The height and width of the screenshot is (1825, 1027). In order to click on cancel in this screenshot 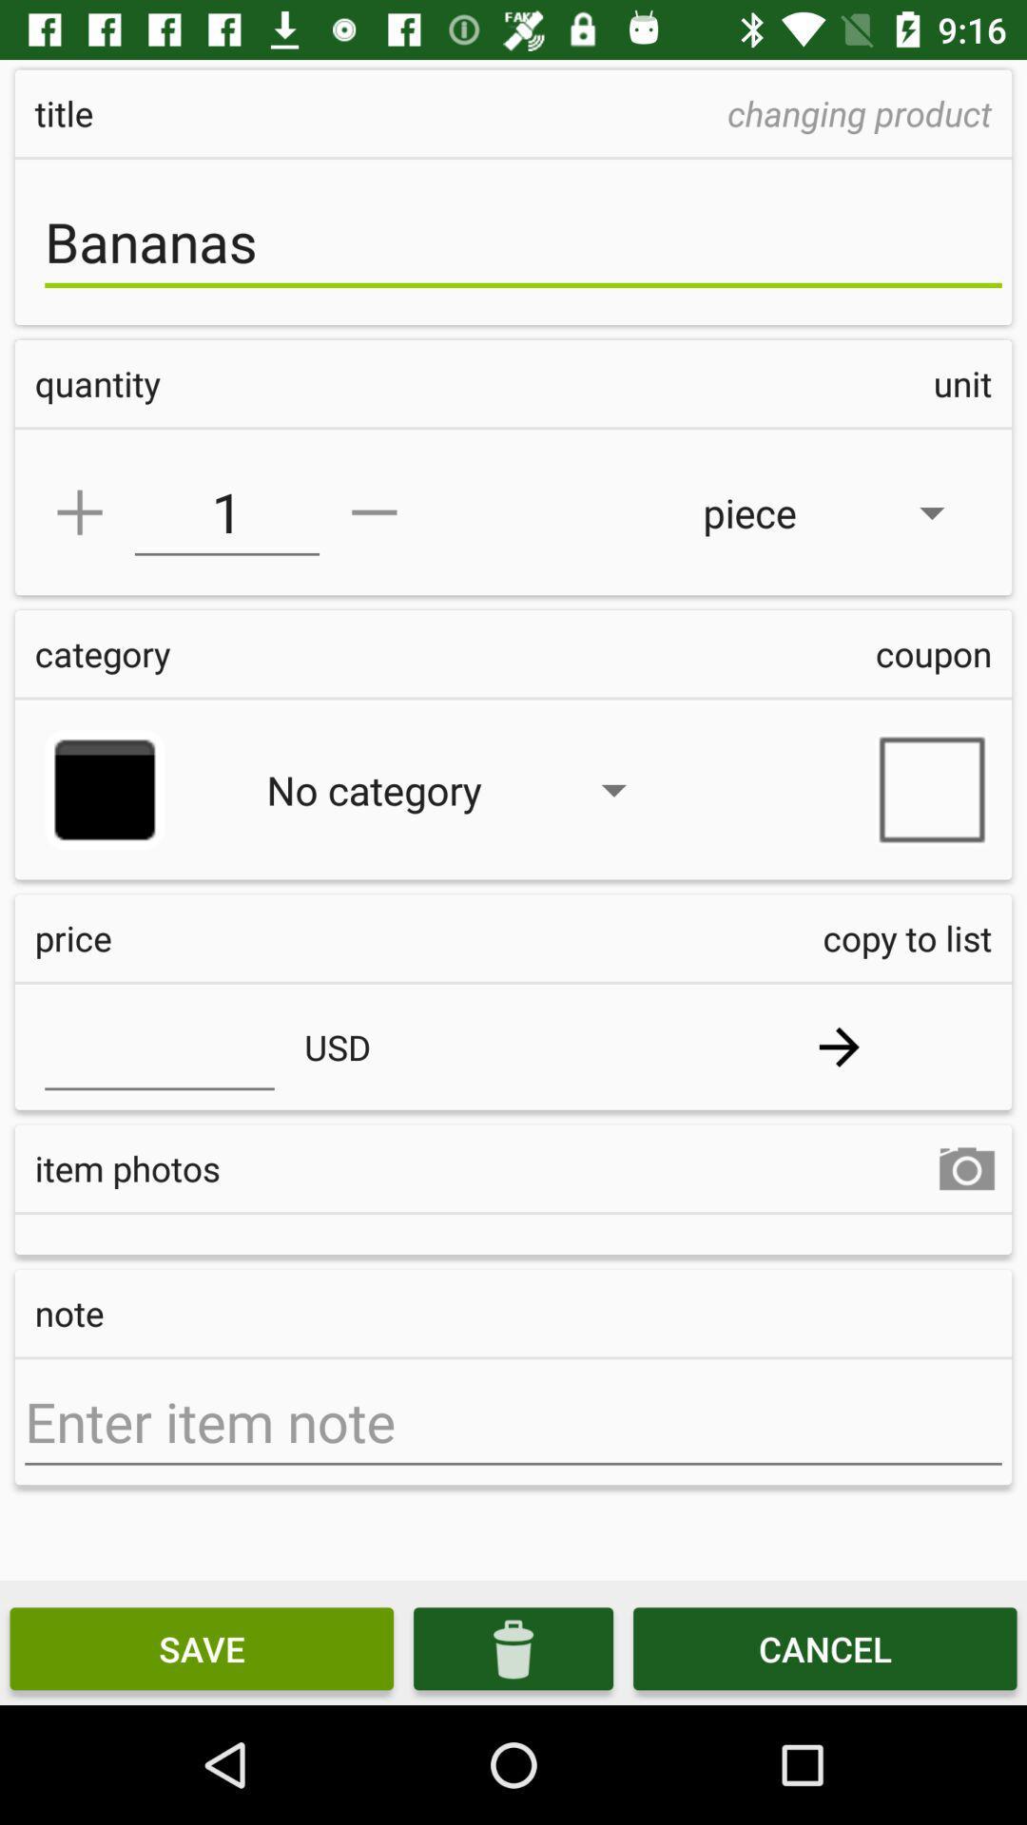, I will do `click(824, 1647)`.